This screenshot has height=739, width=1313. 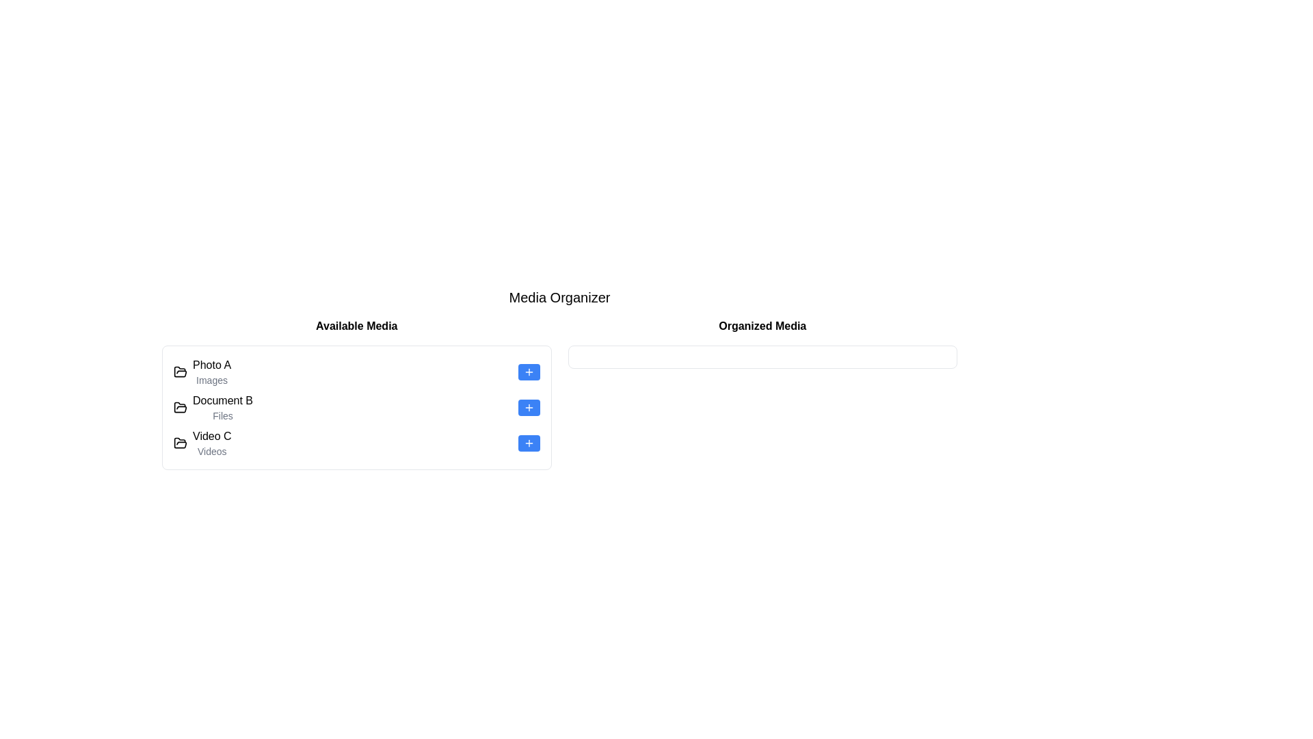 I want to click on the small blue button with a white '+' icon to observe the hover effect, so click(x=528, y=443).